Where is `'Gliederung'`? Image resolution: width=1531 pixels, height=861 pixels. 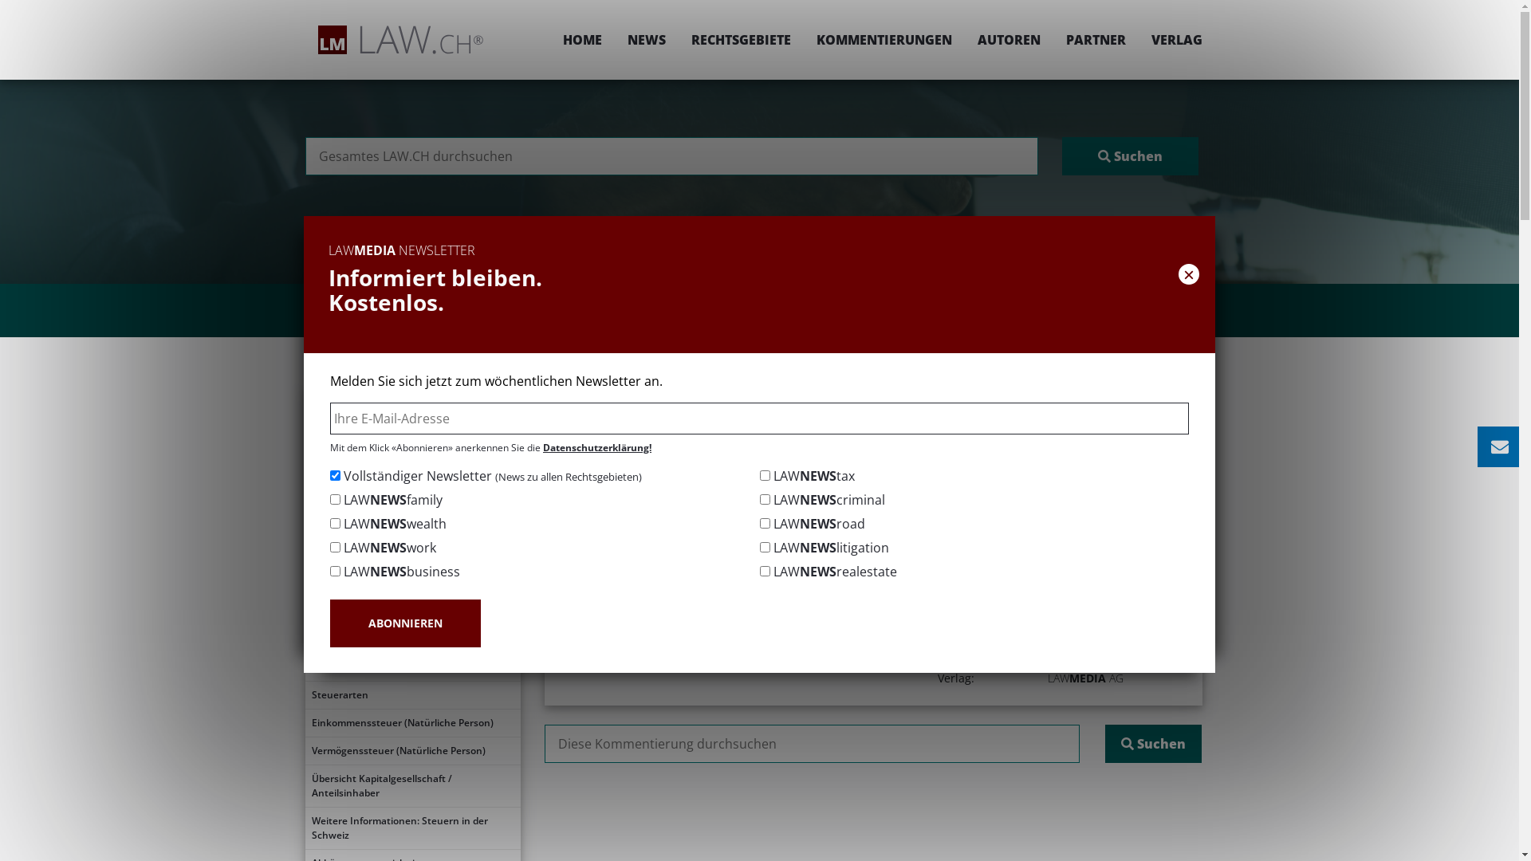 'Gliederung' is located at coordinates (412, 470).